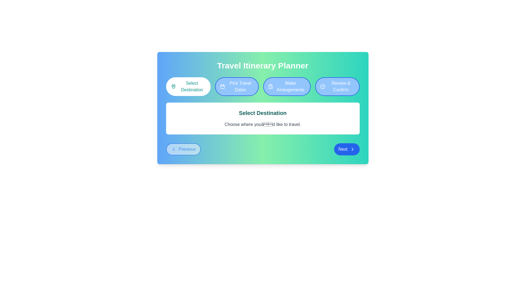 The height and width of the screenshot is (297, 528). Describe the element at coordinates (270, 87) in the screenshot. I see `the SVG icon resembling a clipboard with a list, which is visibly located inside the 'Make Arrangements' button in the top navigation bar` at that location.